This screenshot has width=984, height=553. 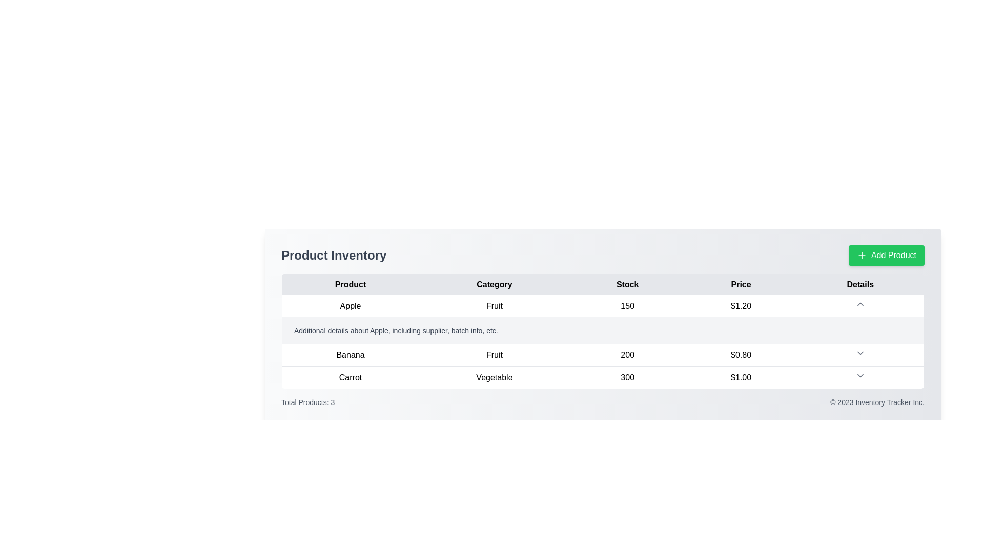 I want to click on the inventory item row for 'Carrot' which displays details like name, category, stock, and price, and may have interactive elements such as a 'Details' dropdown, so click(x=603, y=377).